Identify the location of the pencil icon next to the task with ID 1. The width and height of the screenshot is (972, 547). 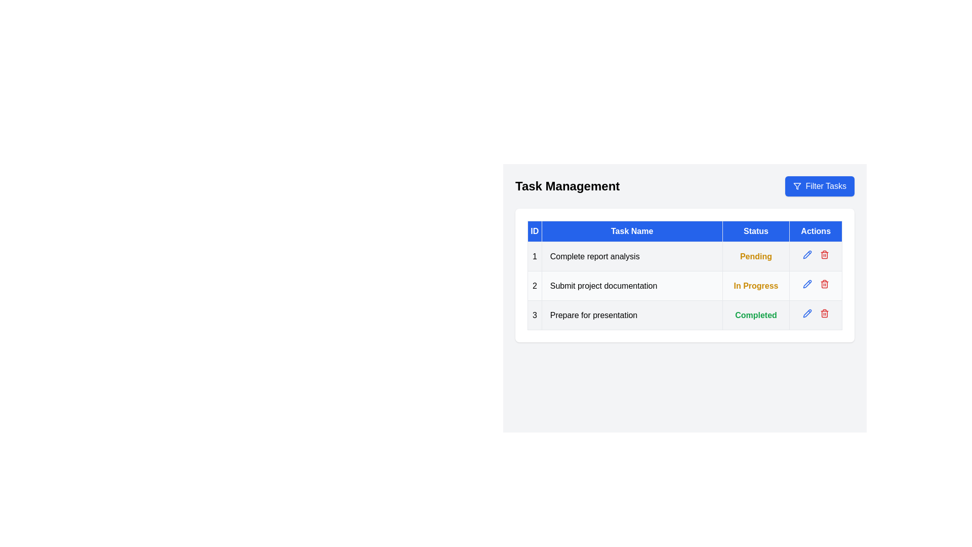
(806, 254).